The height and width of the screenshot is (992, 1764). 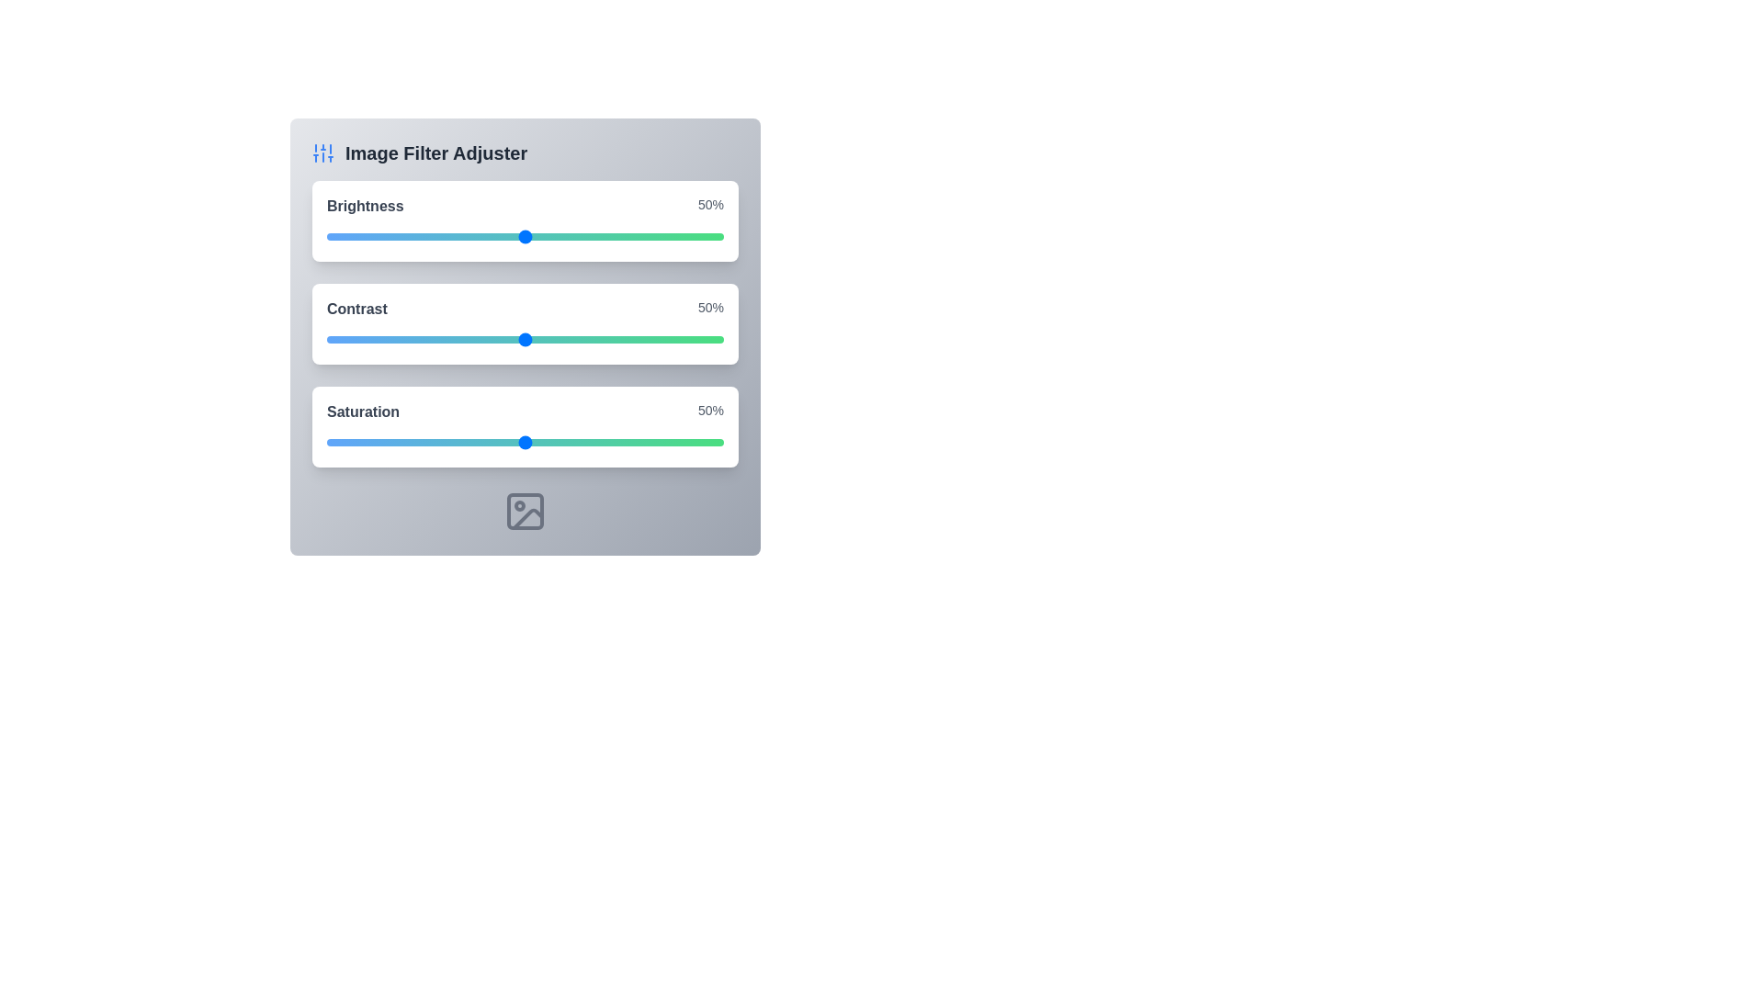 I want to click on the contrast slider to 46%, so click(x=509, y=340).